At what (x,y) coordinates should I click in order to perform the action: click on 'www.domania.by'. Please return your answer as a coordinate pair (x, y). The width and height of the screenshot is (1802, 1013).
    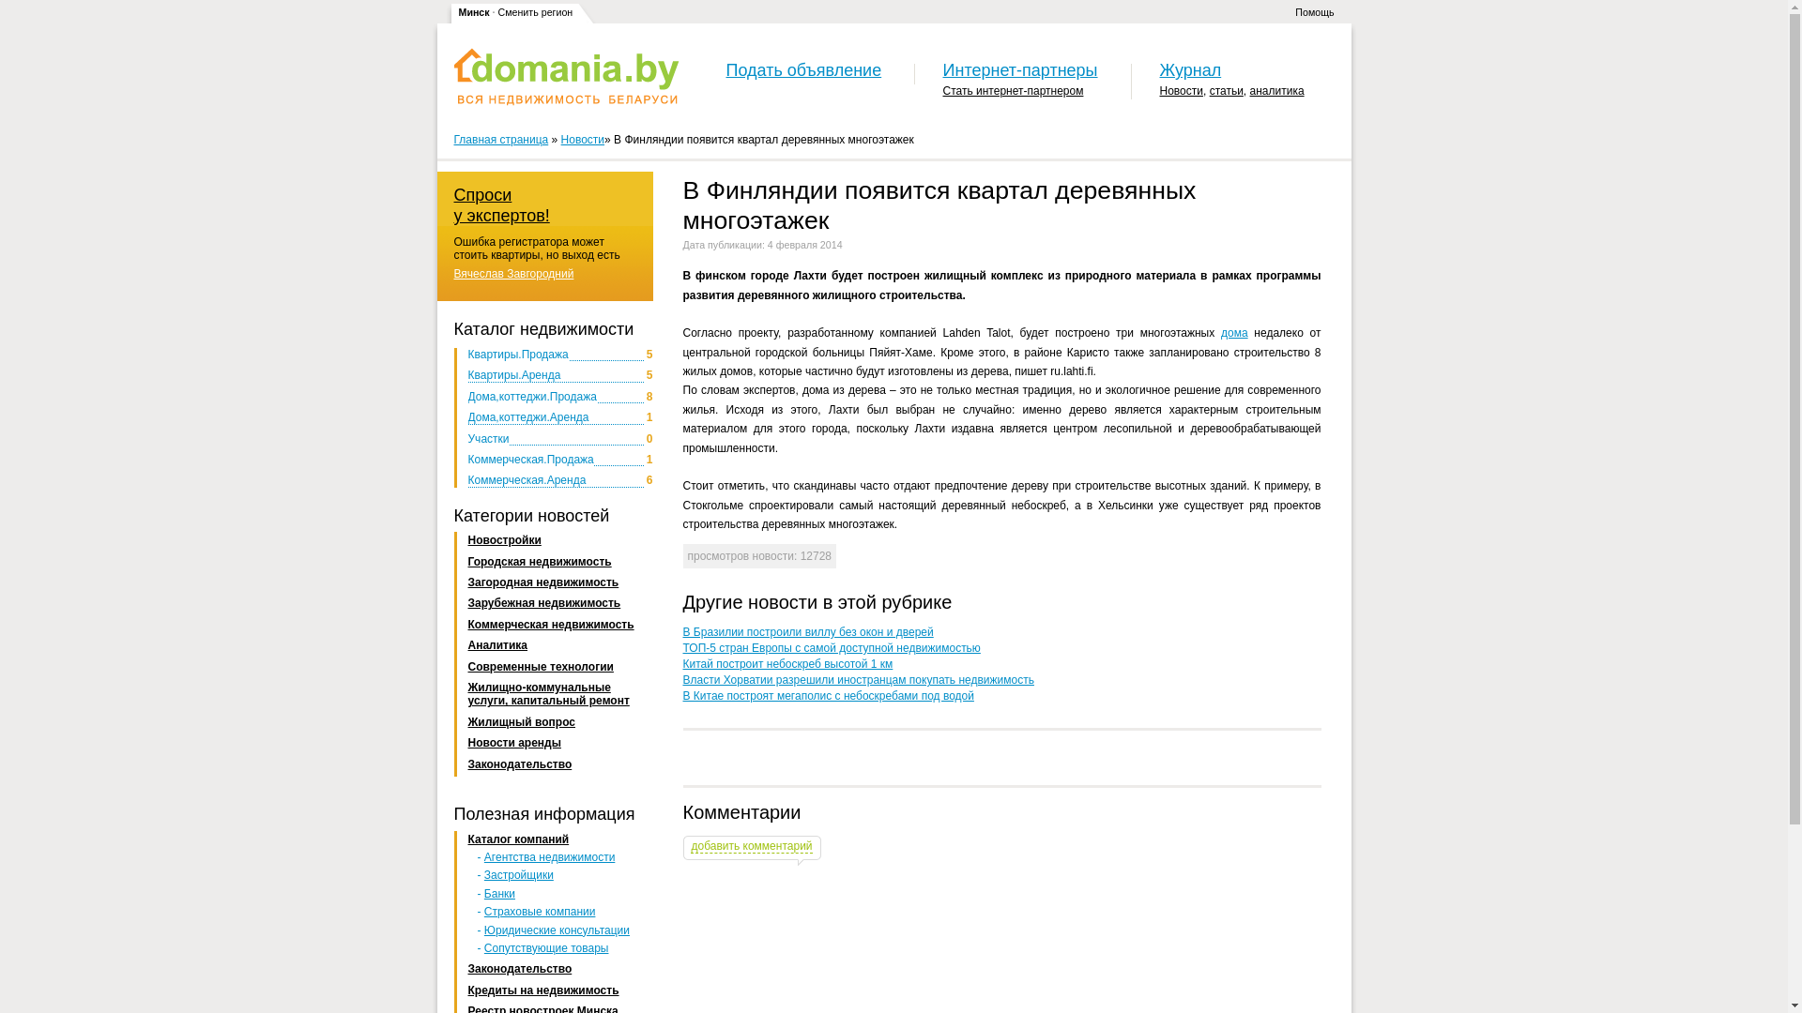
    Looking at the image, I should click on (566, 75).